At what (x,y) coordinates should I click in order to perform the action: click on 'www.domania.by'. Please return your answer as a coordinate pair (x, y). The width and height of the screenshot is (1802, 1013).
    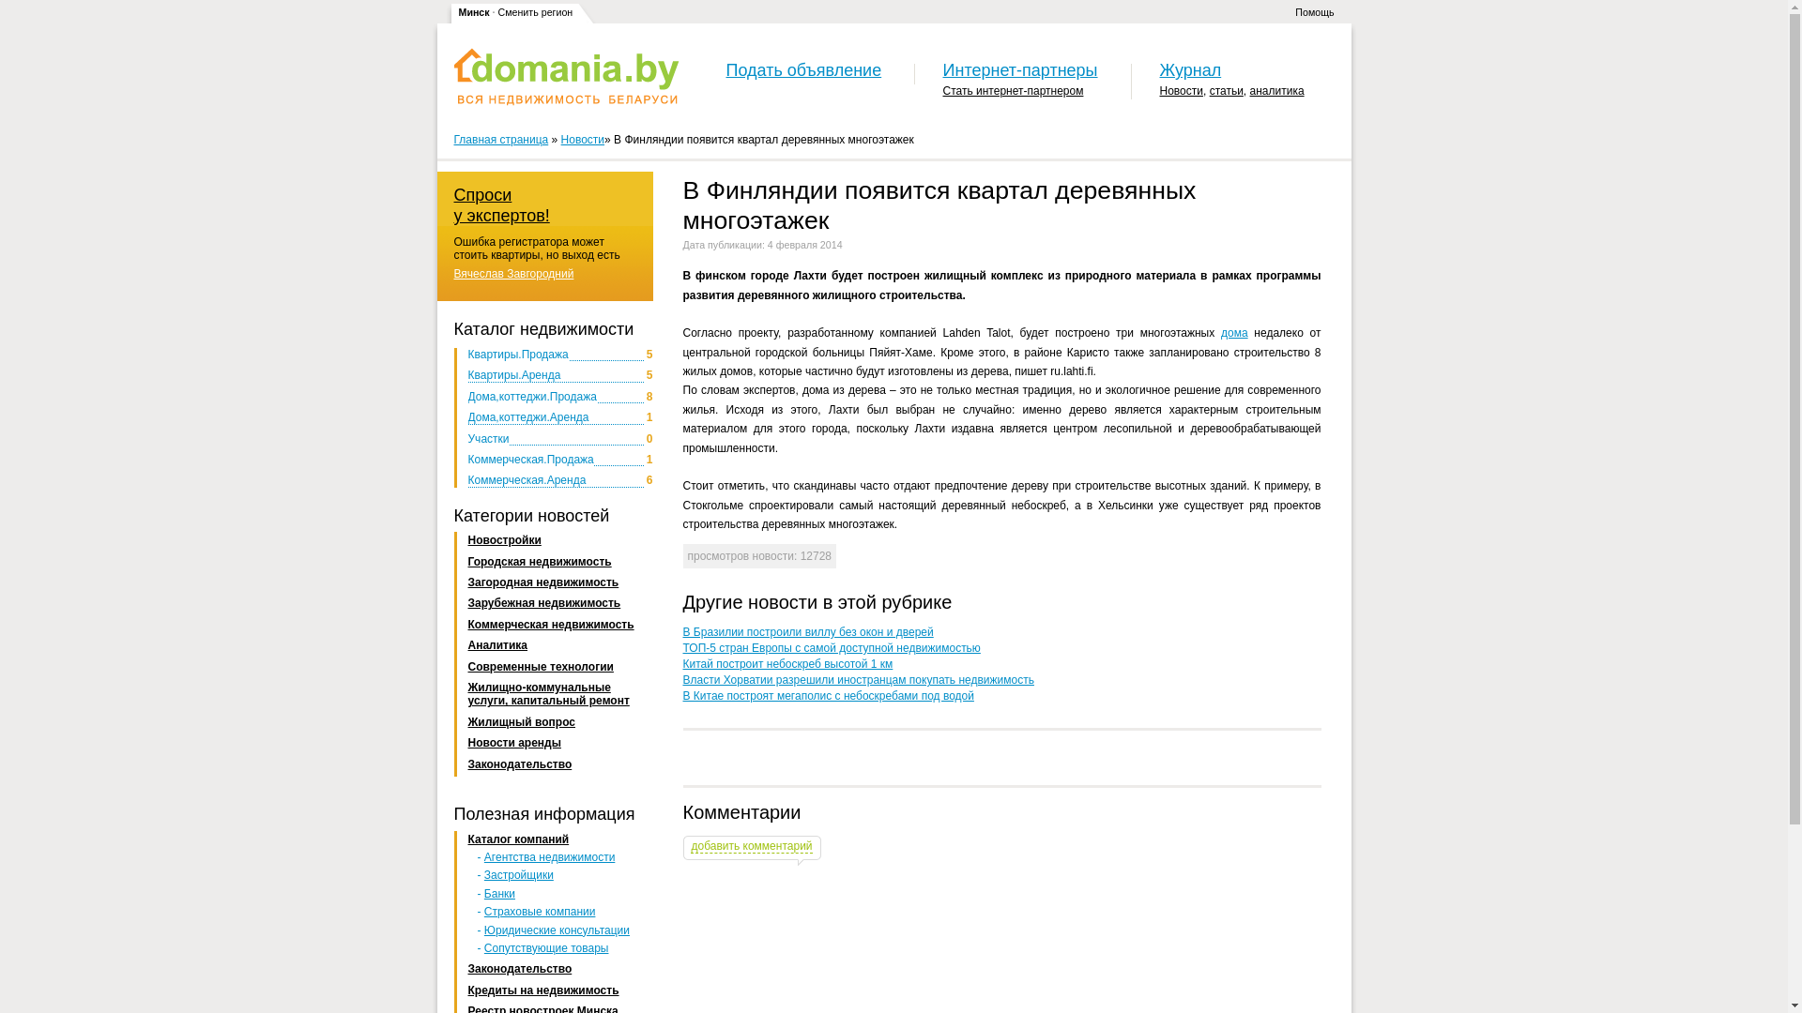
    Looking at the image, I should click on (566, 75).